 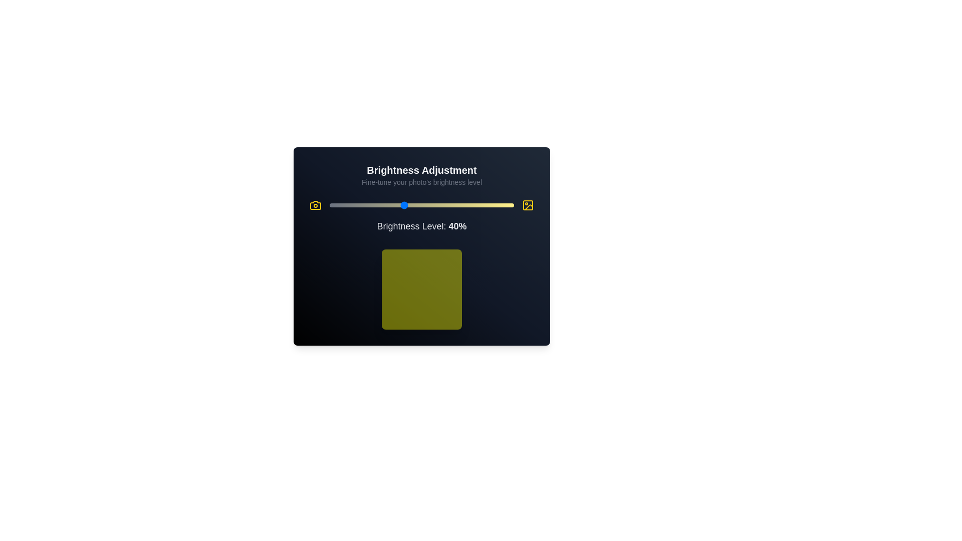 What do you see at coordinates (315, 204) in the screenshot?
I see `the camera icon to initiate the corresponding action` at bounding box center [315, 204].